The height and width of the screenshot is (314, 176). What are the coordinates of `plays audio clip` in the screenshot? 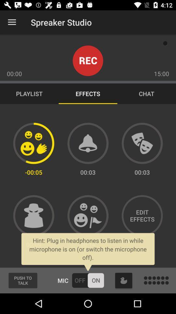 It's located at (142, 143).